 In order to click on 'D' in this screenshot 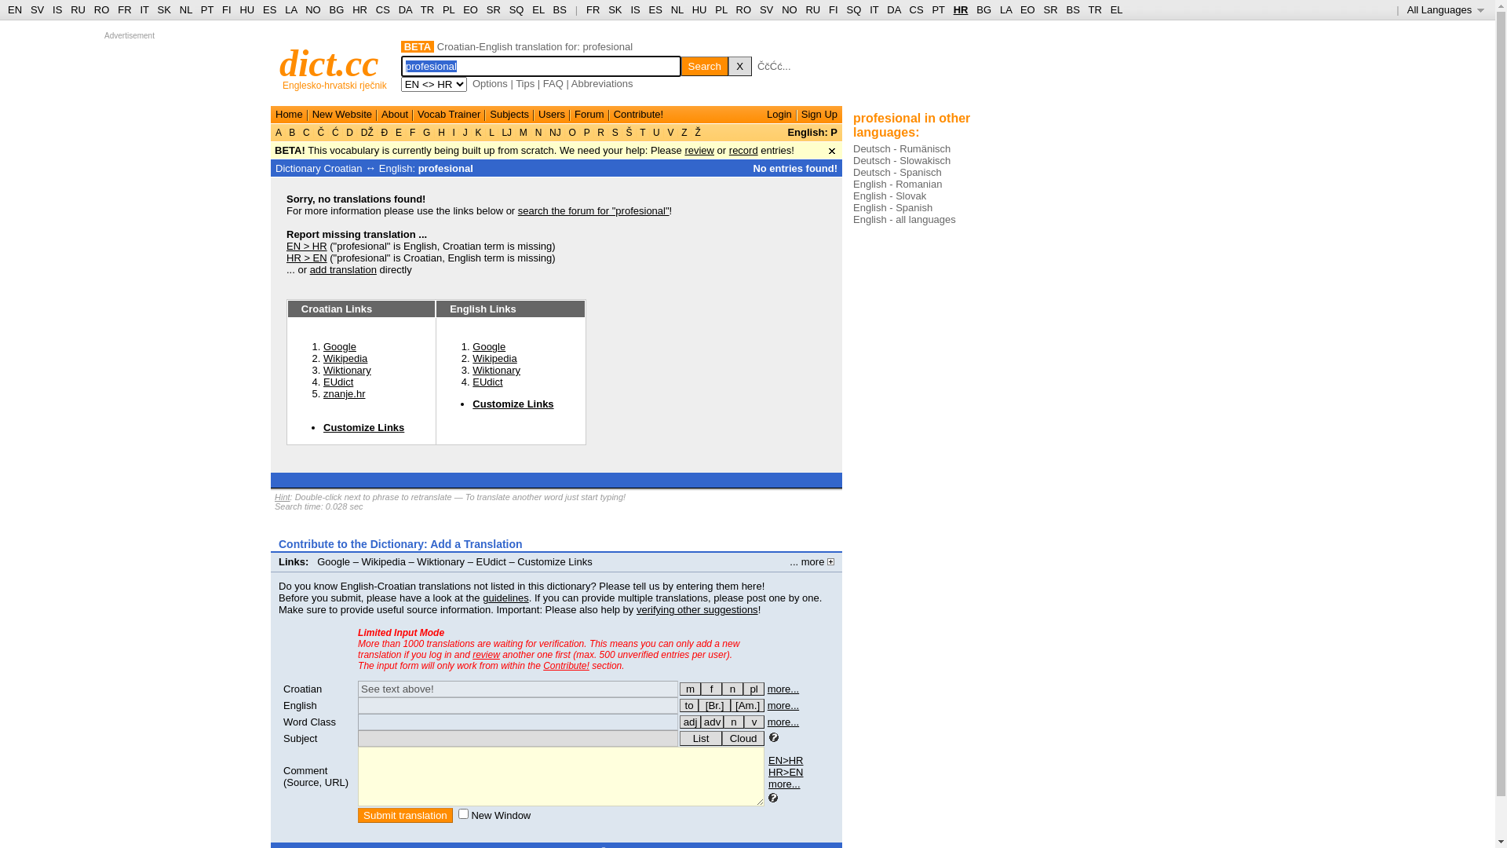, I will do `click(348, 132)`.